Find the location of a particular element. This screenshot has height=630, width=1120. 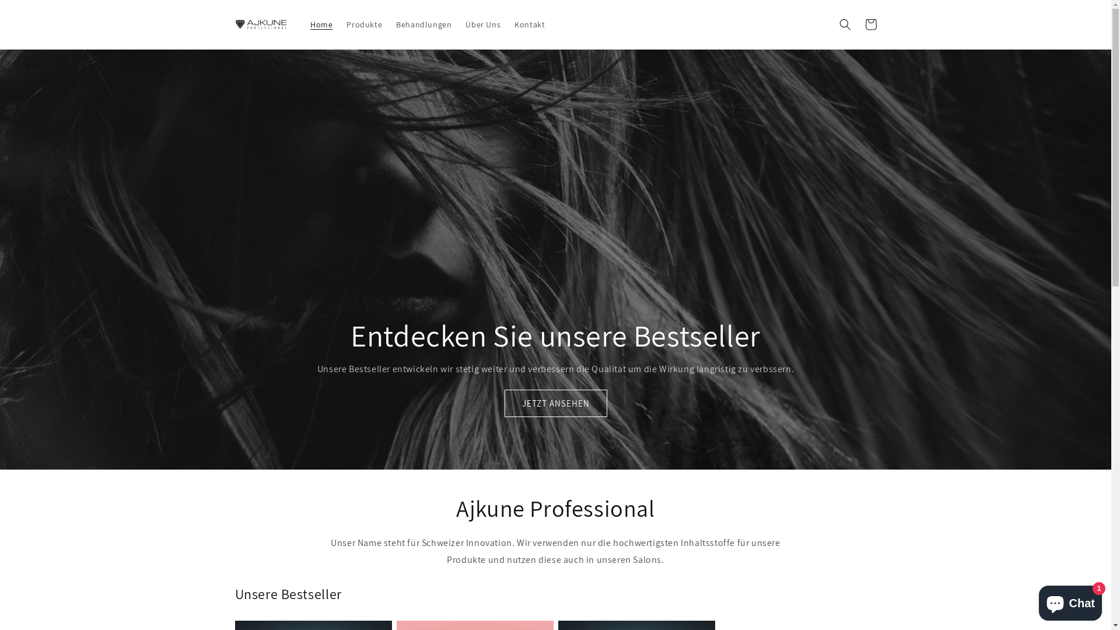

'Warenkorb' is located at coordinates (870, 24).